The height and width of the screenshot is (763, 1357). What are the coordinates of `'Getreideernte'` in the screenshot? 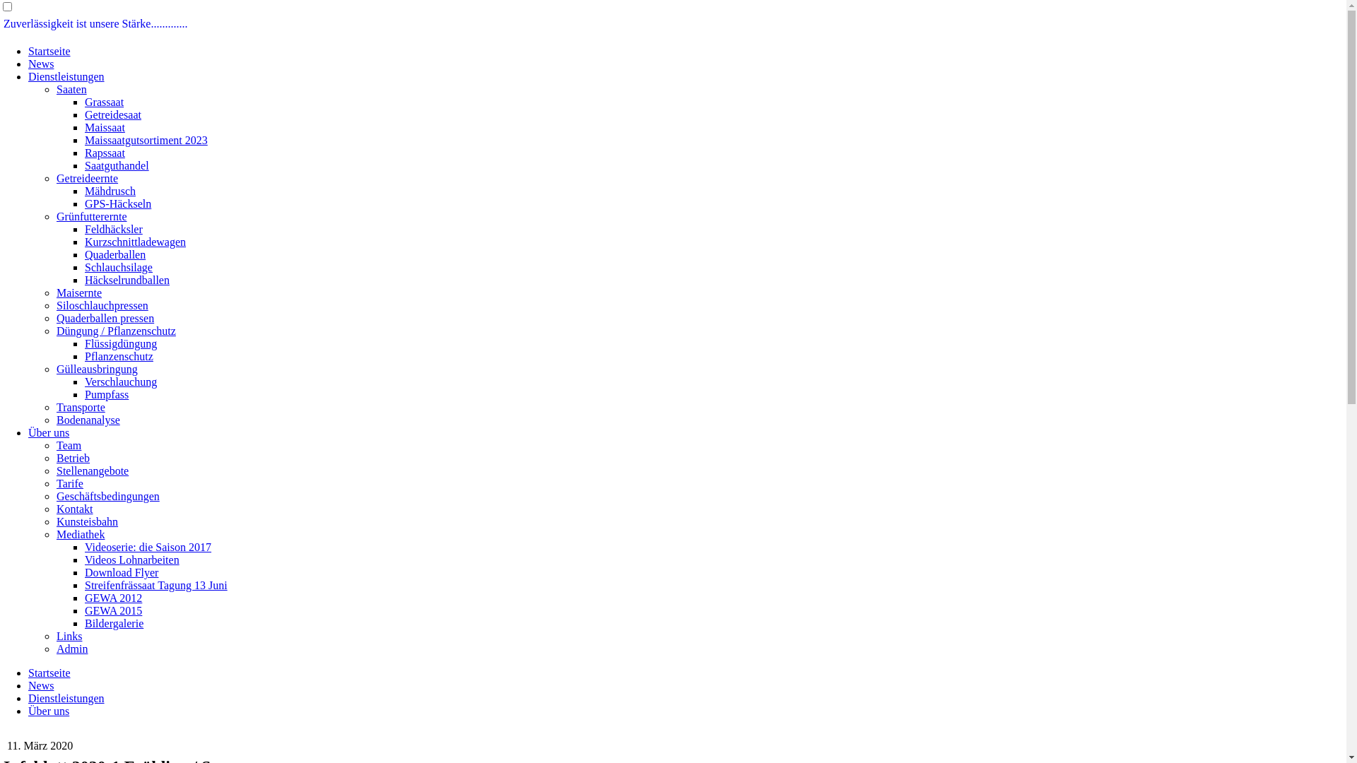 It's located at (86, 177).